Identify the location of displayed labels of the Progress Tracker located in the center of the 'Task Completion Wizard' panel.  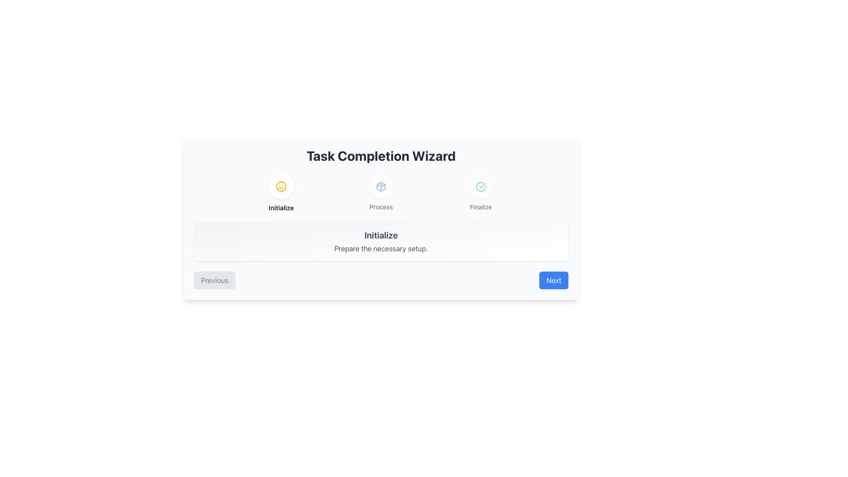
(381, 192).